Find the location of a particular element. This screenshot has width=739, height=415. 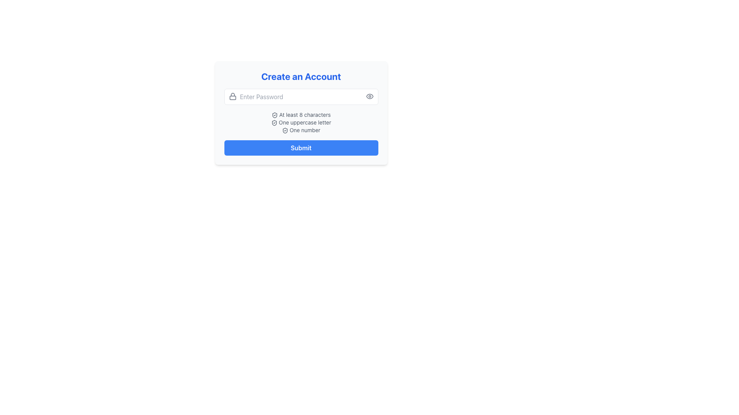

the eye-like icon located to the right of the password entry field in the 'Create an Account' dialog box is located at coordinates (369, 96).